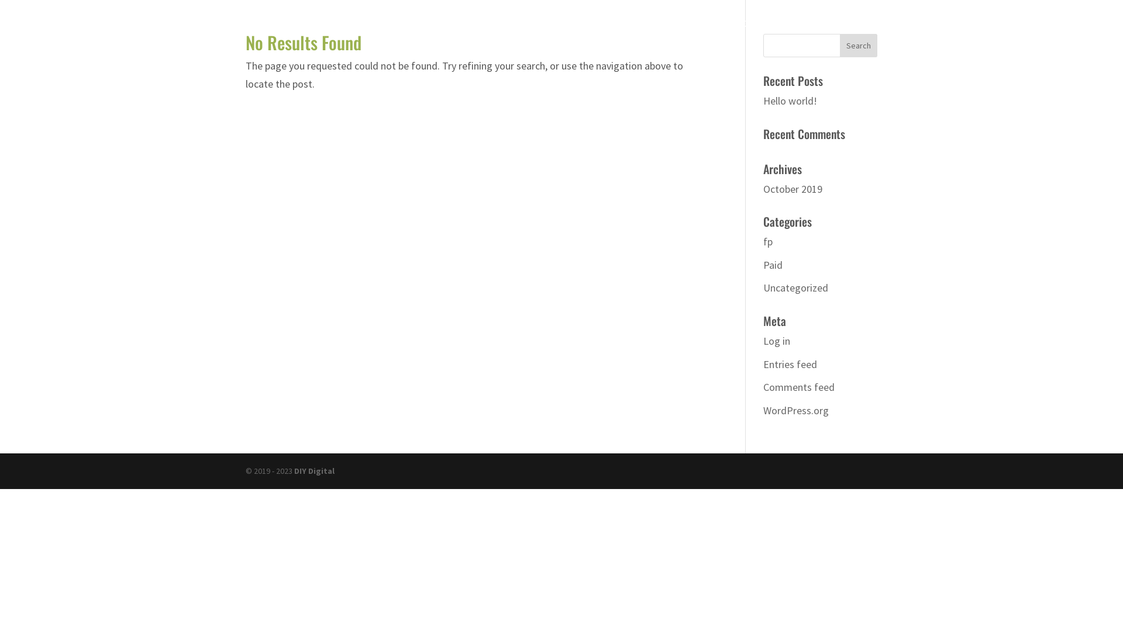 The height and width of the screenshot is (631, 1123). I want to click on 'WordPress.org', so click(795, 410).